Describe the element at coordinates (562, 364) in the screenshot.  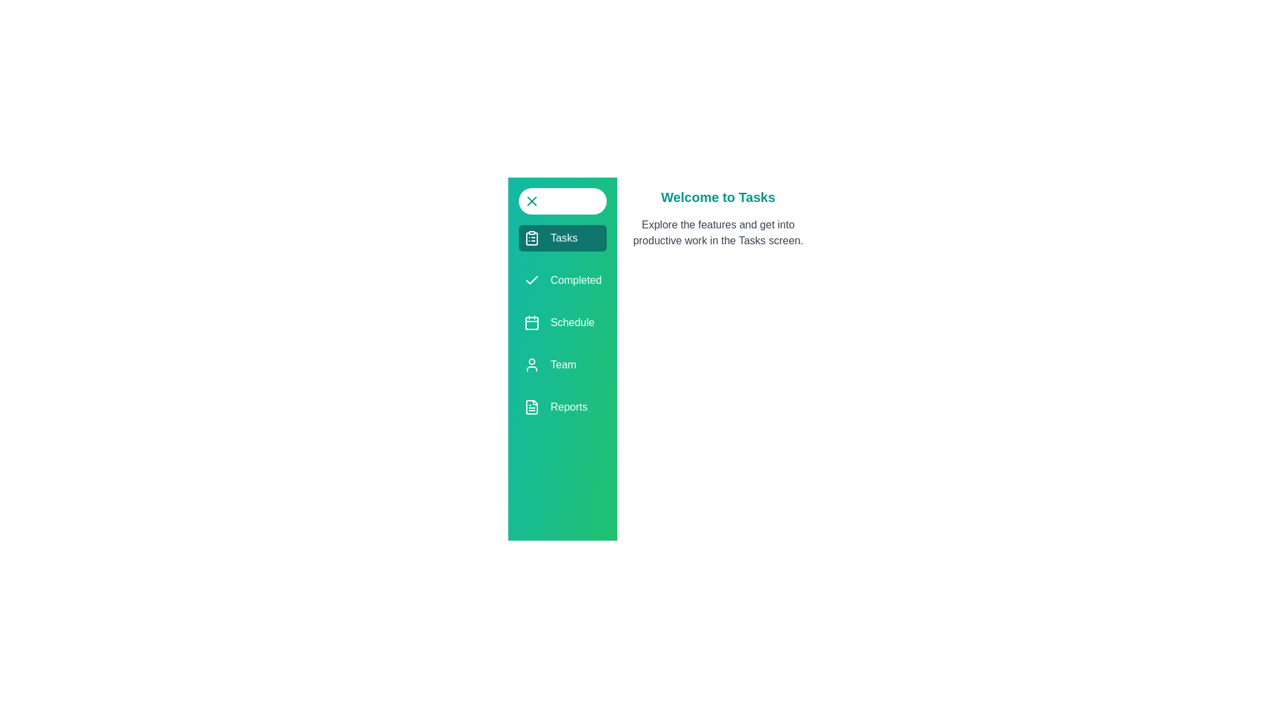
I see `the menu option Team in the drawer` at that location.